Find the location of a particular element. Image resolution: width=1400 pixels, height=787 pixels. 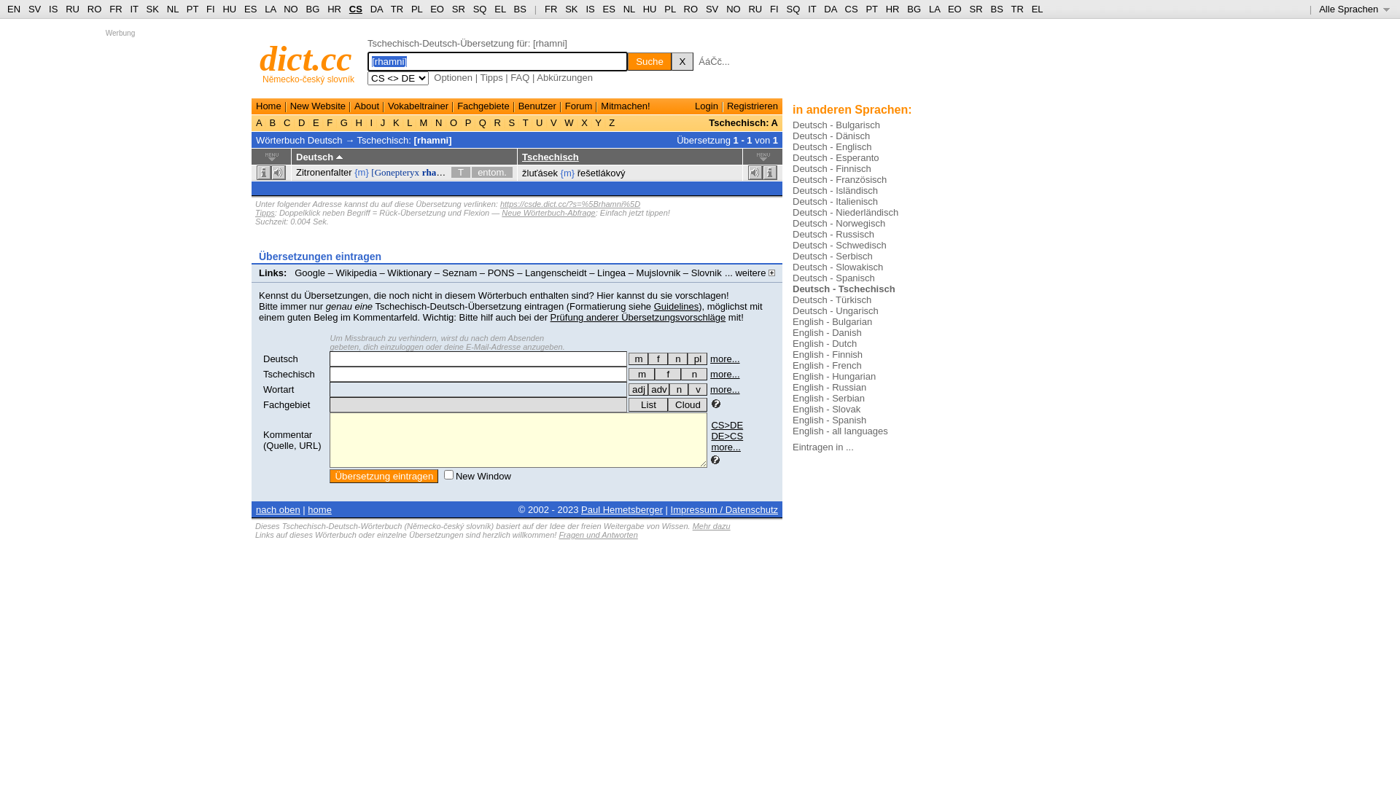

'NO' is located at coordinates (734, 9).